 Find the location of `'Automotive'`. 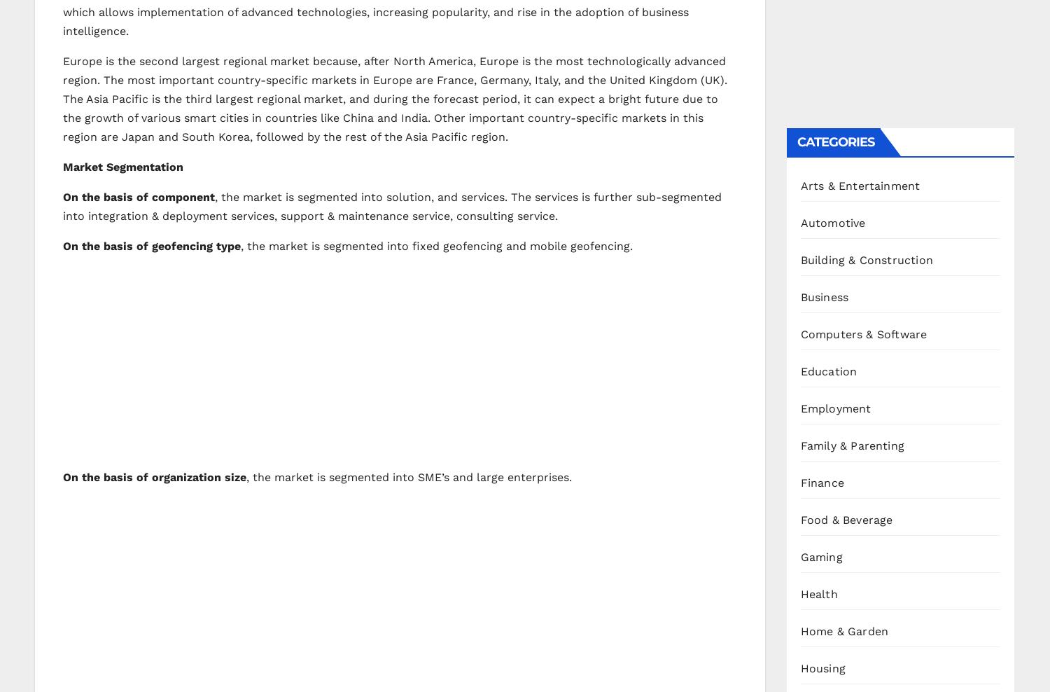

'Automotive' is located at coordinates (832, 222).